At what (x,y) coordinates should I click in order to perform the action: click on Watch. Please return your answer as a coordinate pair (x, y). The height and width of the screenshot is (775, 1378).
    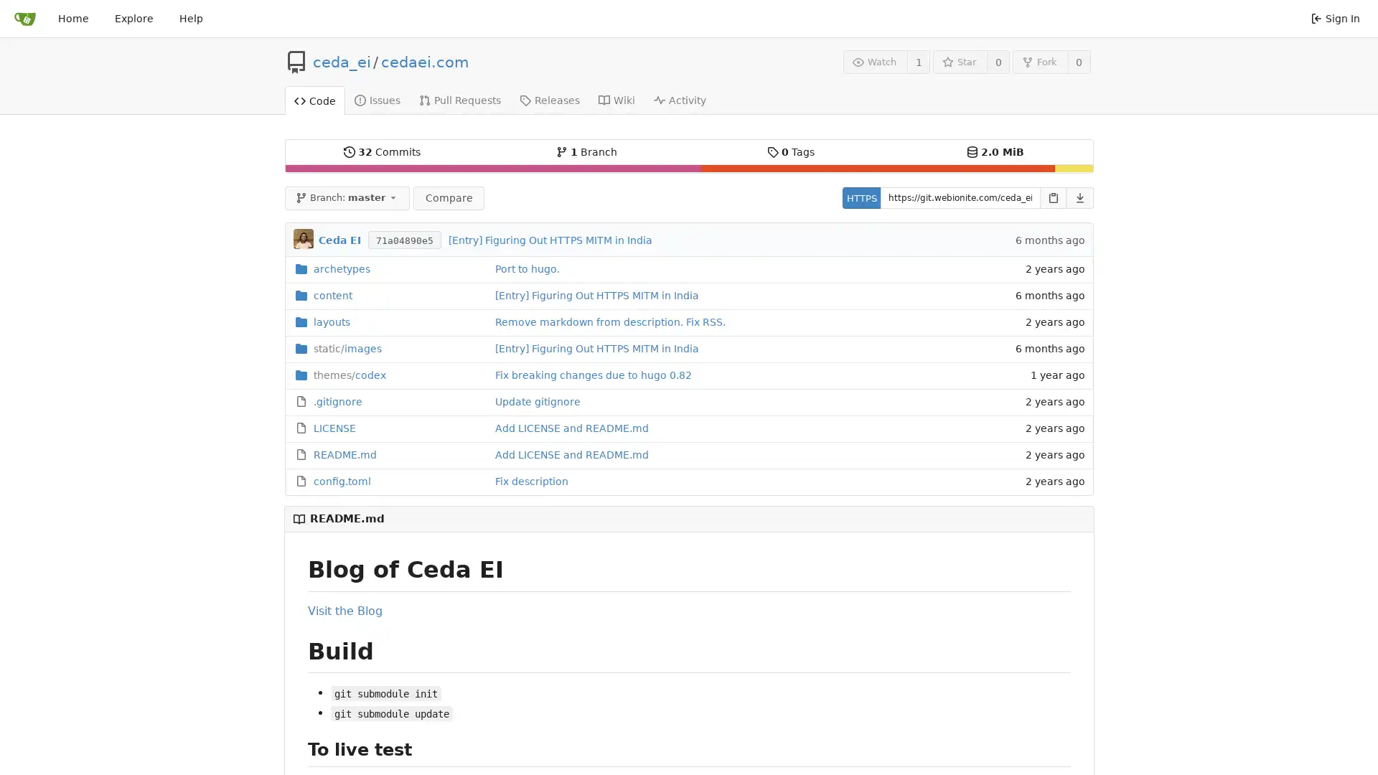
    Looking at the image, I should click on (874, 61).